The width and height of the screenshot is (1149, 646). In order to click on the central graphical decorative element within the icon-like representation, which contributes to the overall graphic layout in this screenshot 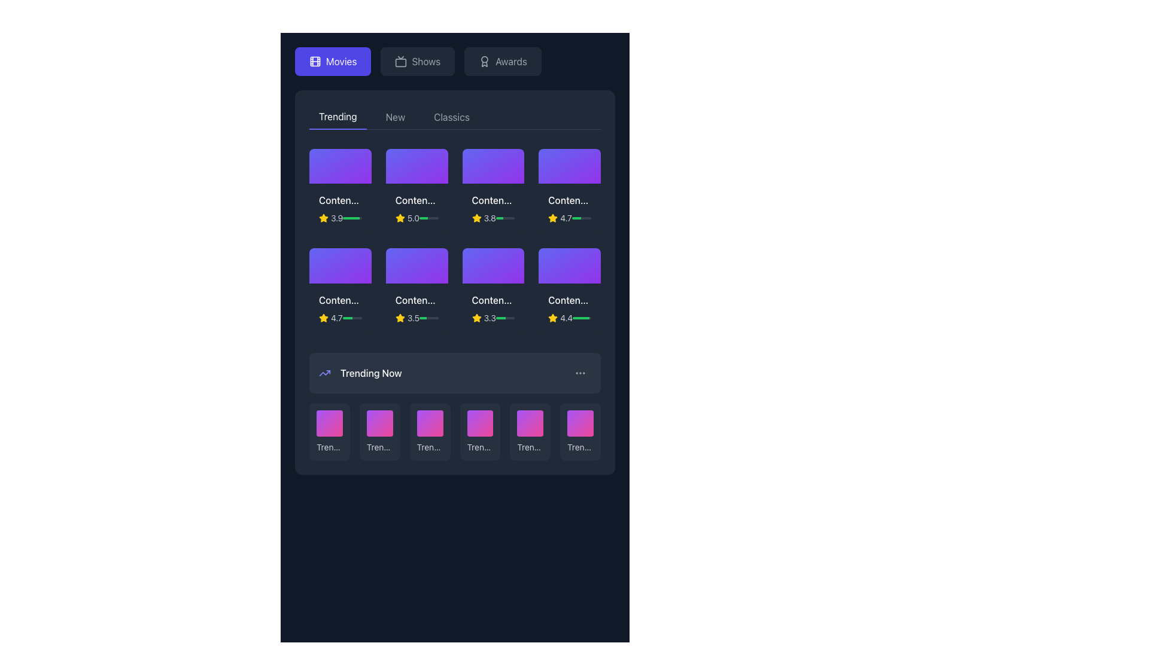, I will do `click(401, 63)`.